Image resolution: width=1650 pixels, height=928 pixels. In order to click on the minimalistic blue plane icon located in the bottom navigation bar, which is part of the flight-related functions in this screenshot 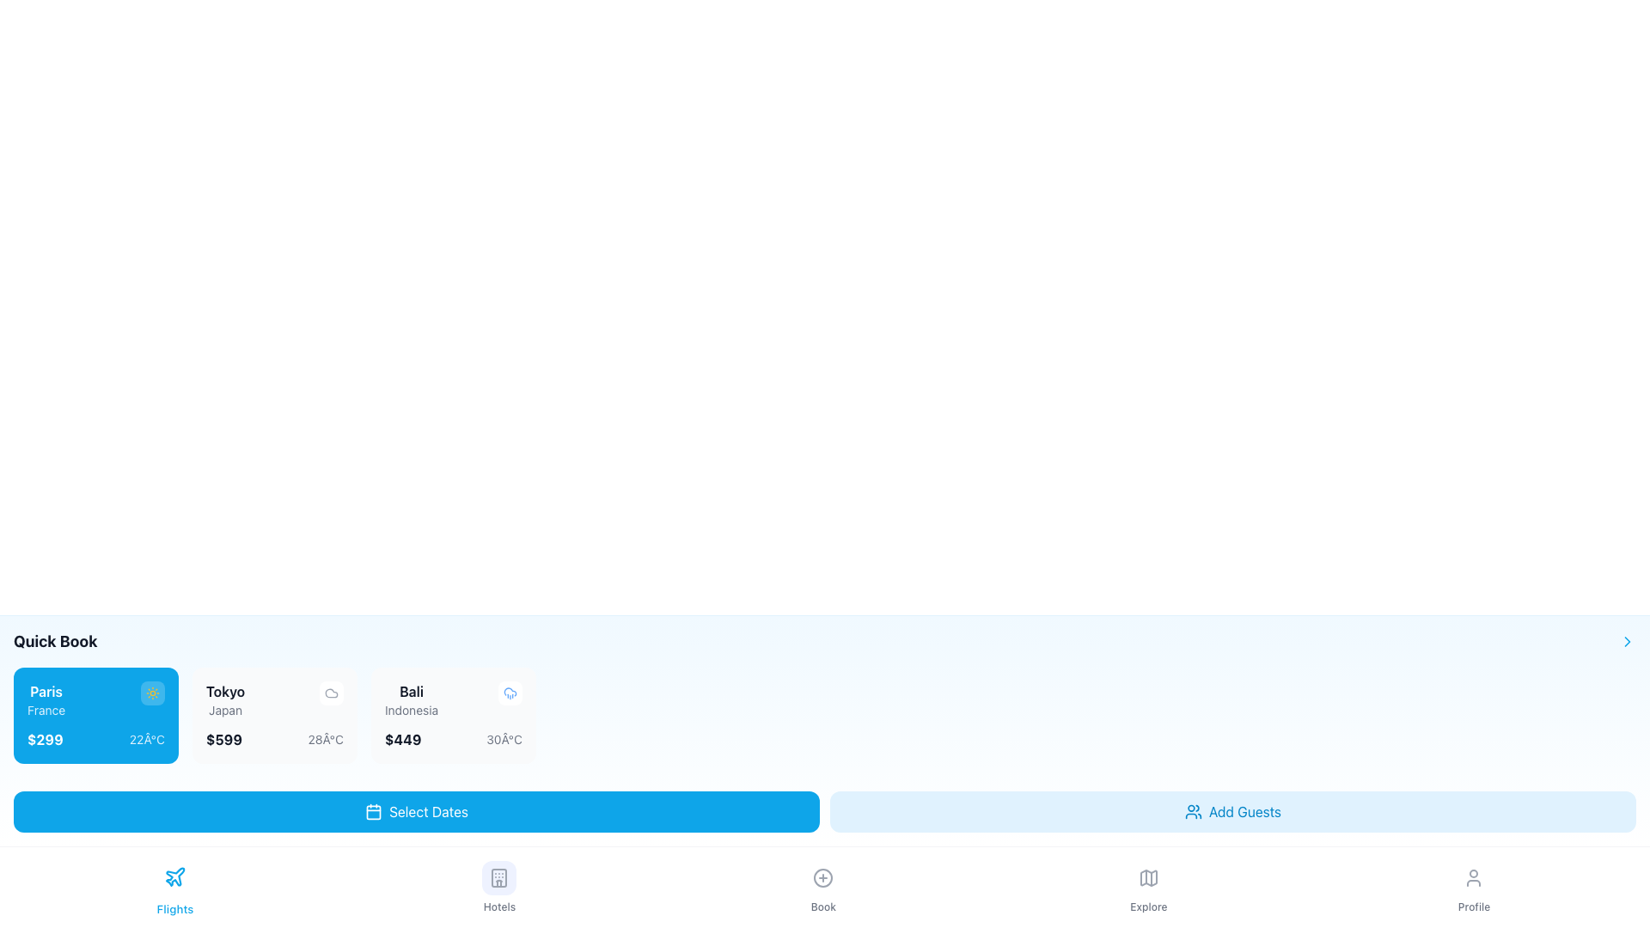, I will do `click(175, 876)`.